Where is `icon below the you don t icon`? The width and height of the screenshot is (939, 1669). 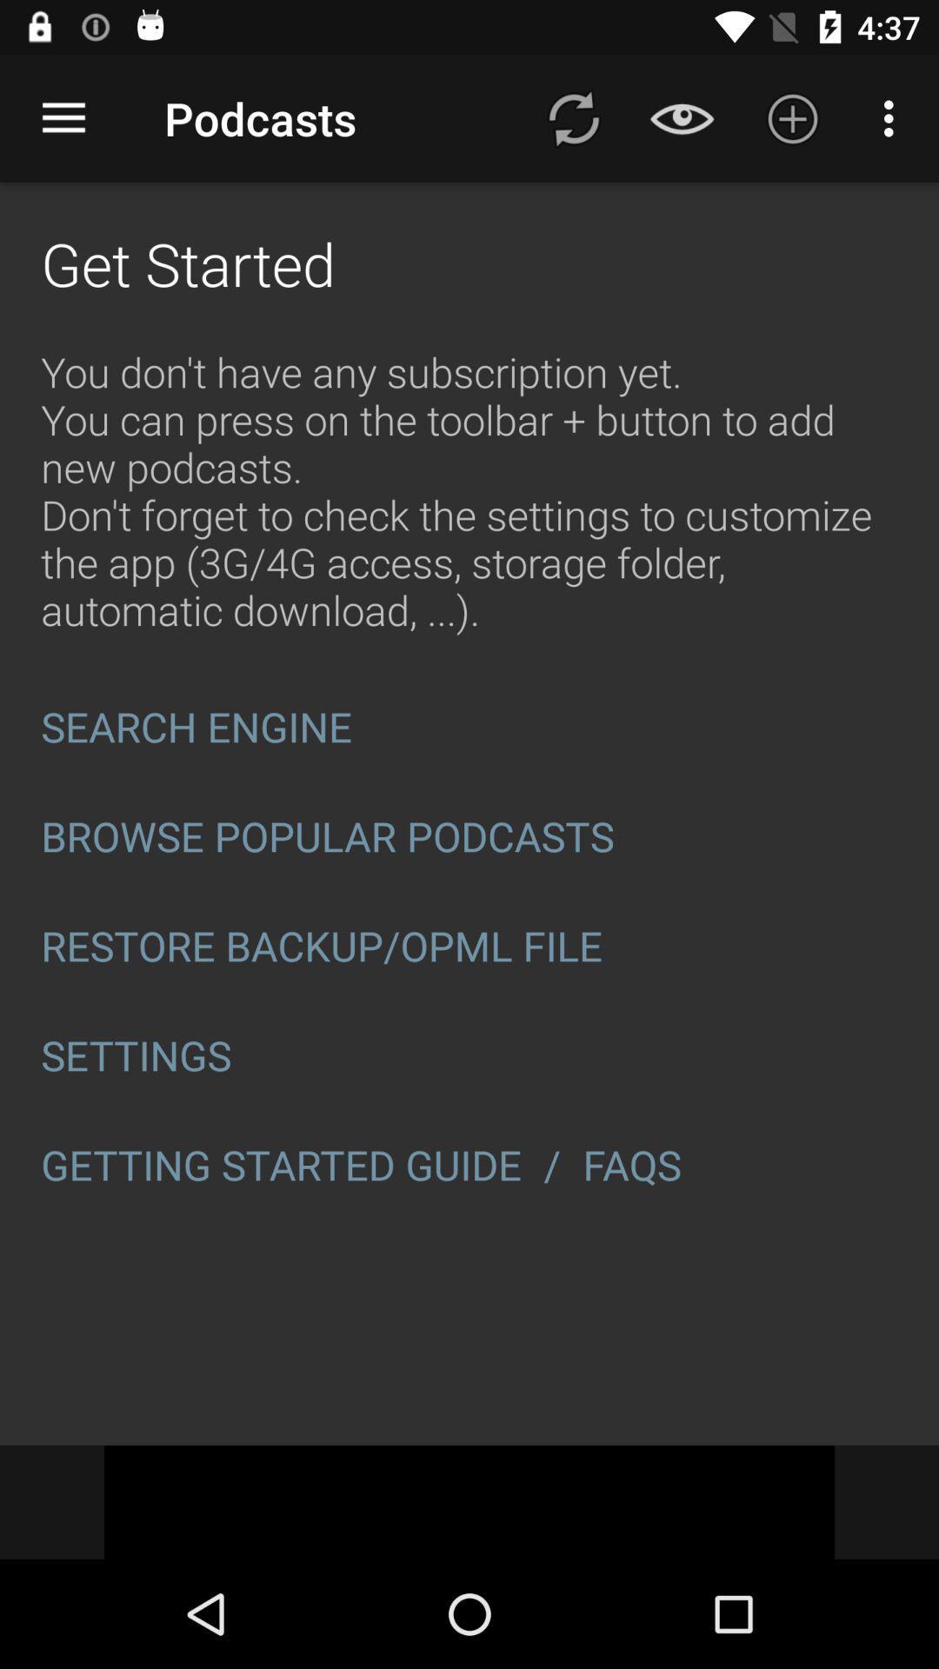
icon below the you don t icon is located at coordinates (469, 727).